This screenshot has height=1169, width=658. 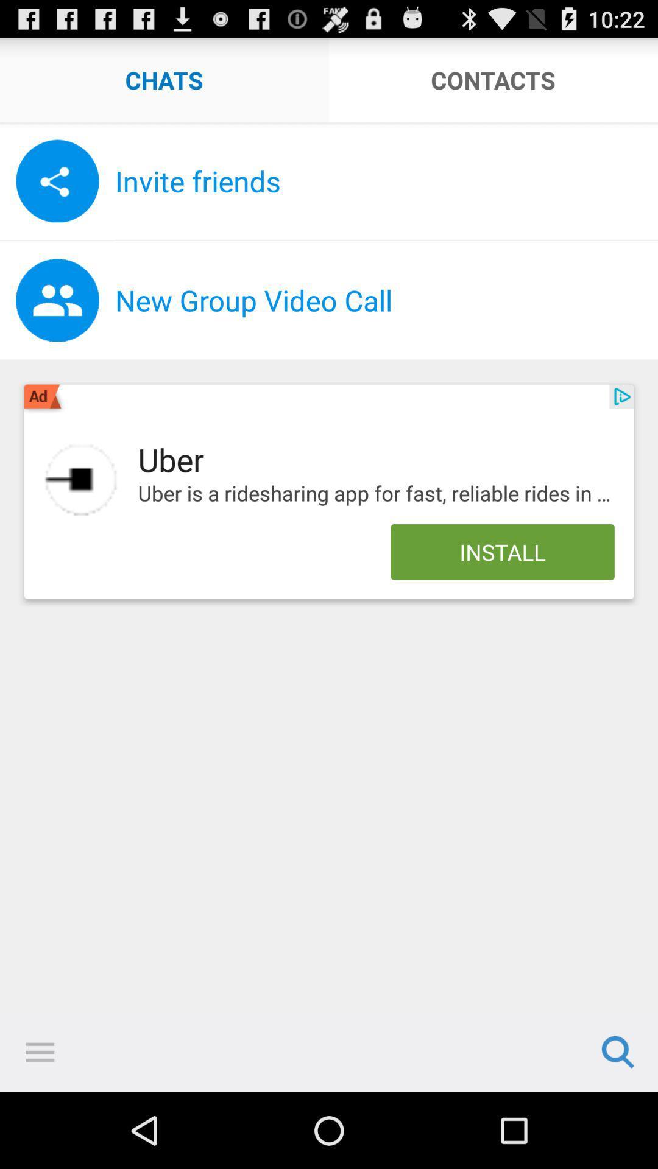 What do you see at coordinates (503, 551) in the screenshot?
I see `app below the uber is a item` at bounding box center [503, 551].